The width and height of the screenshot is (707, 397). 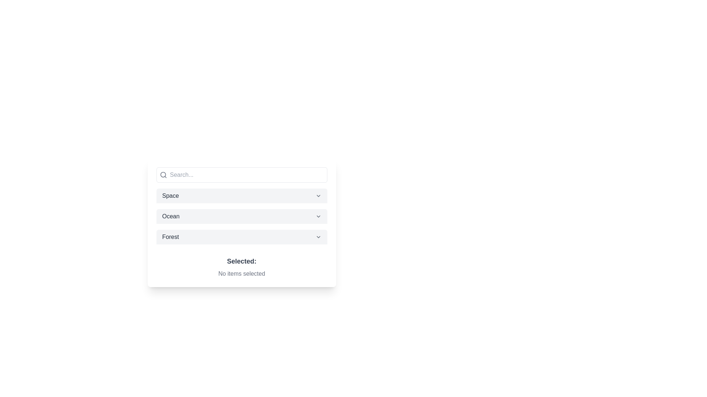 I want to click on the small downward chevron-shaped icon located to the far right of the 'Space' entry, so click(x=318, y=195).